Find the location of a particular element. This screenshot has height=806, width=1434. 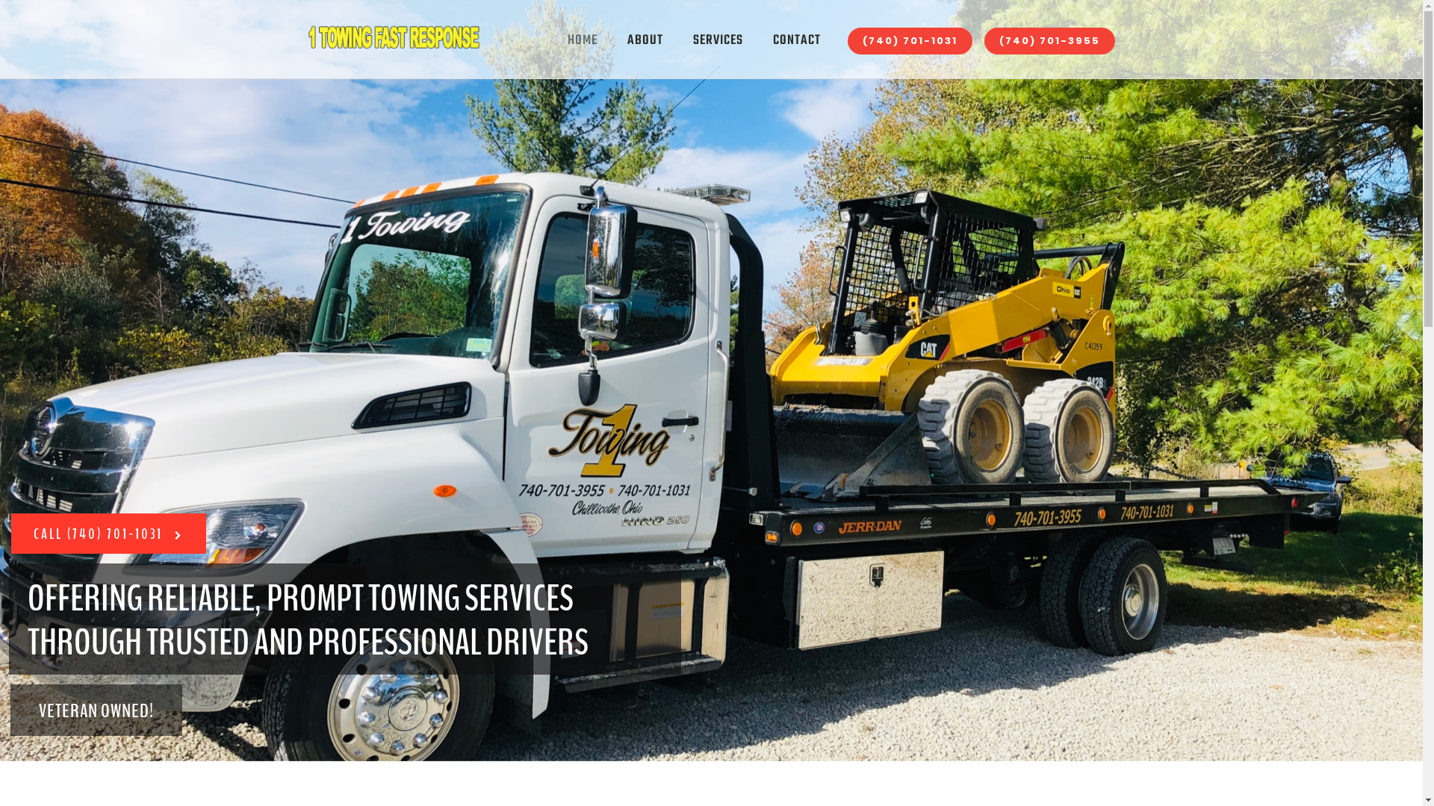

'CONTACT' is located at coordinates (757, 40).